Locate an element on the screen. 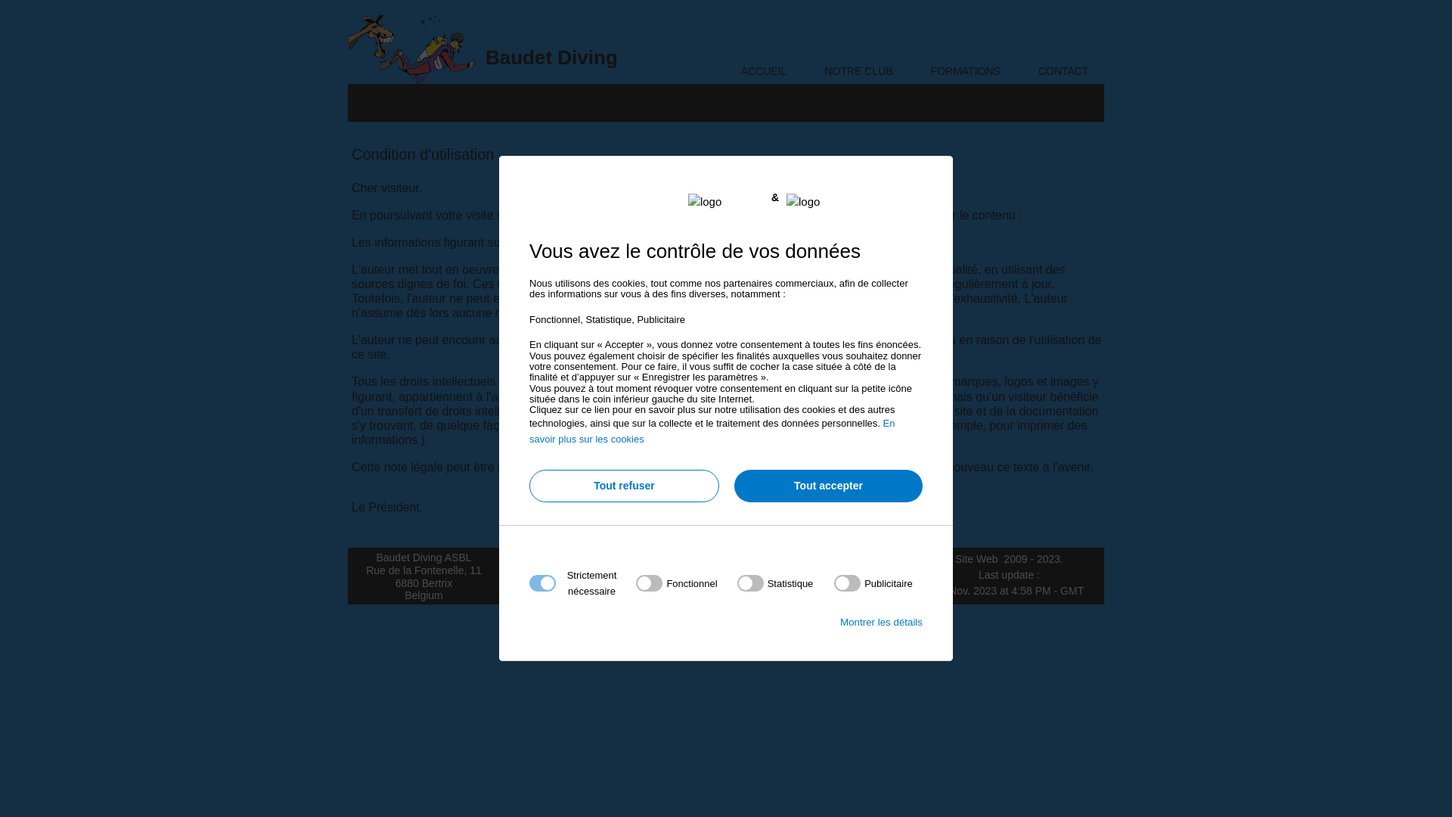 This screenshot has height=817, width=1452. 'ACCUEIL' is located at coordinates (764, 67).